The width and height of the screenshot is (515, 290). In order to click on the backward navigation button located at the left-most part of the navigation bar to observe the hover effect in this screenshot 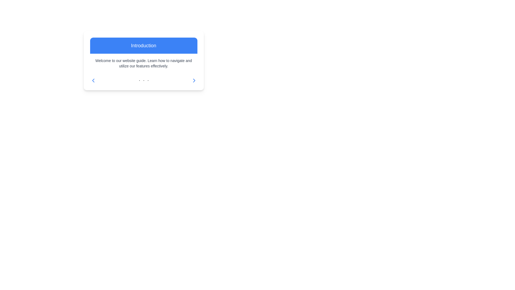, I will do `click(93, 81)`.